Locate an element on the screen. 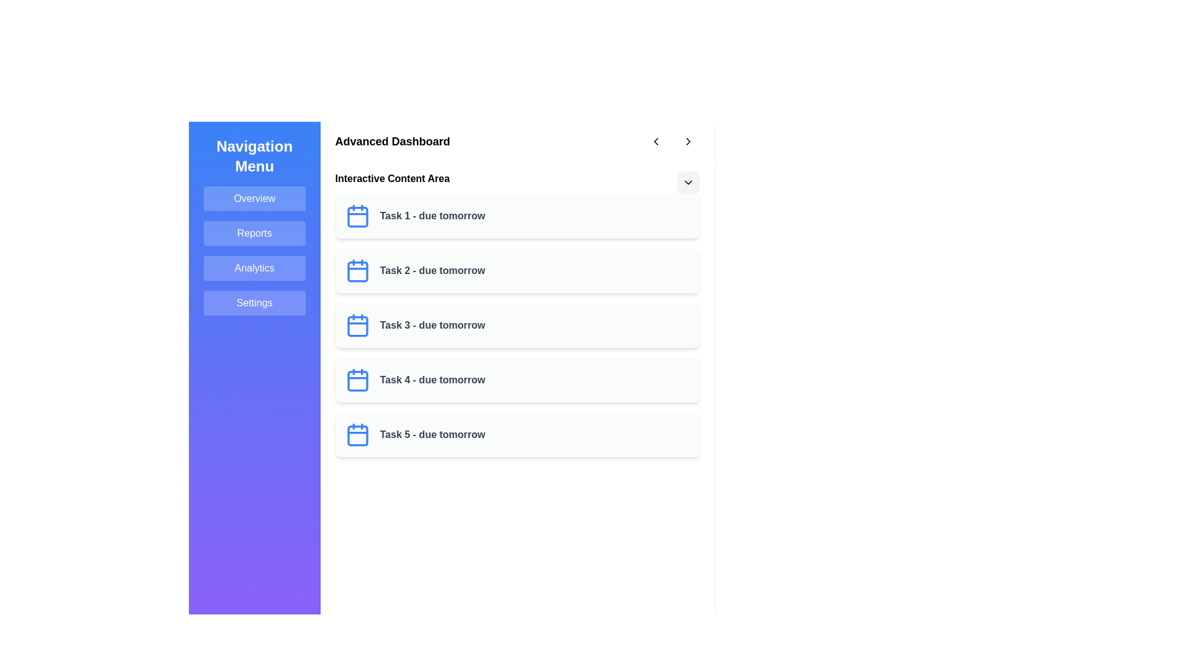 Image resolution: width=1193 pixels, height=671 pixels. the vertical navigation menu option to switch sections in the application, located in the left sidebar labeled 'Navigation Menu' is located at coordinates (254, 251).